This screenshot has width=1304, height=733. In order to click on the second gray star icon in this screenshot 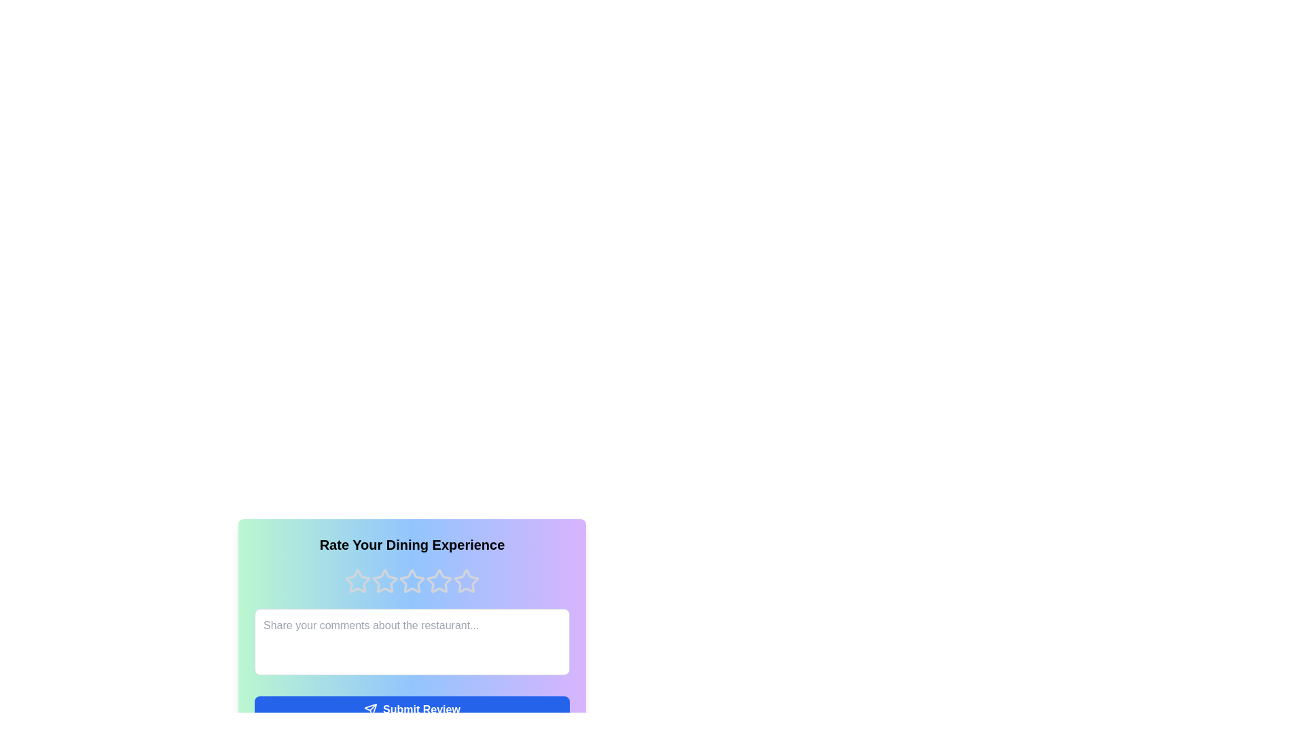, I will do `click(384, 580)`.